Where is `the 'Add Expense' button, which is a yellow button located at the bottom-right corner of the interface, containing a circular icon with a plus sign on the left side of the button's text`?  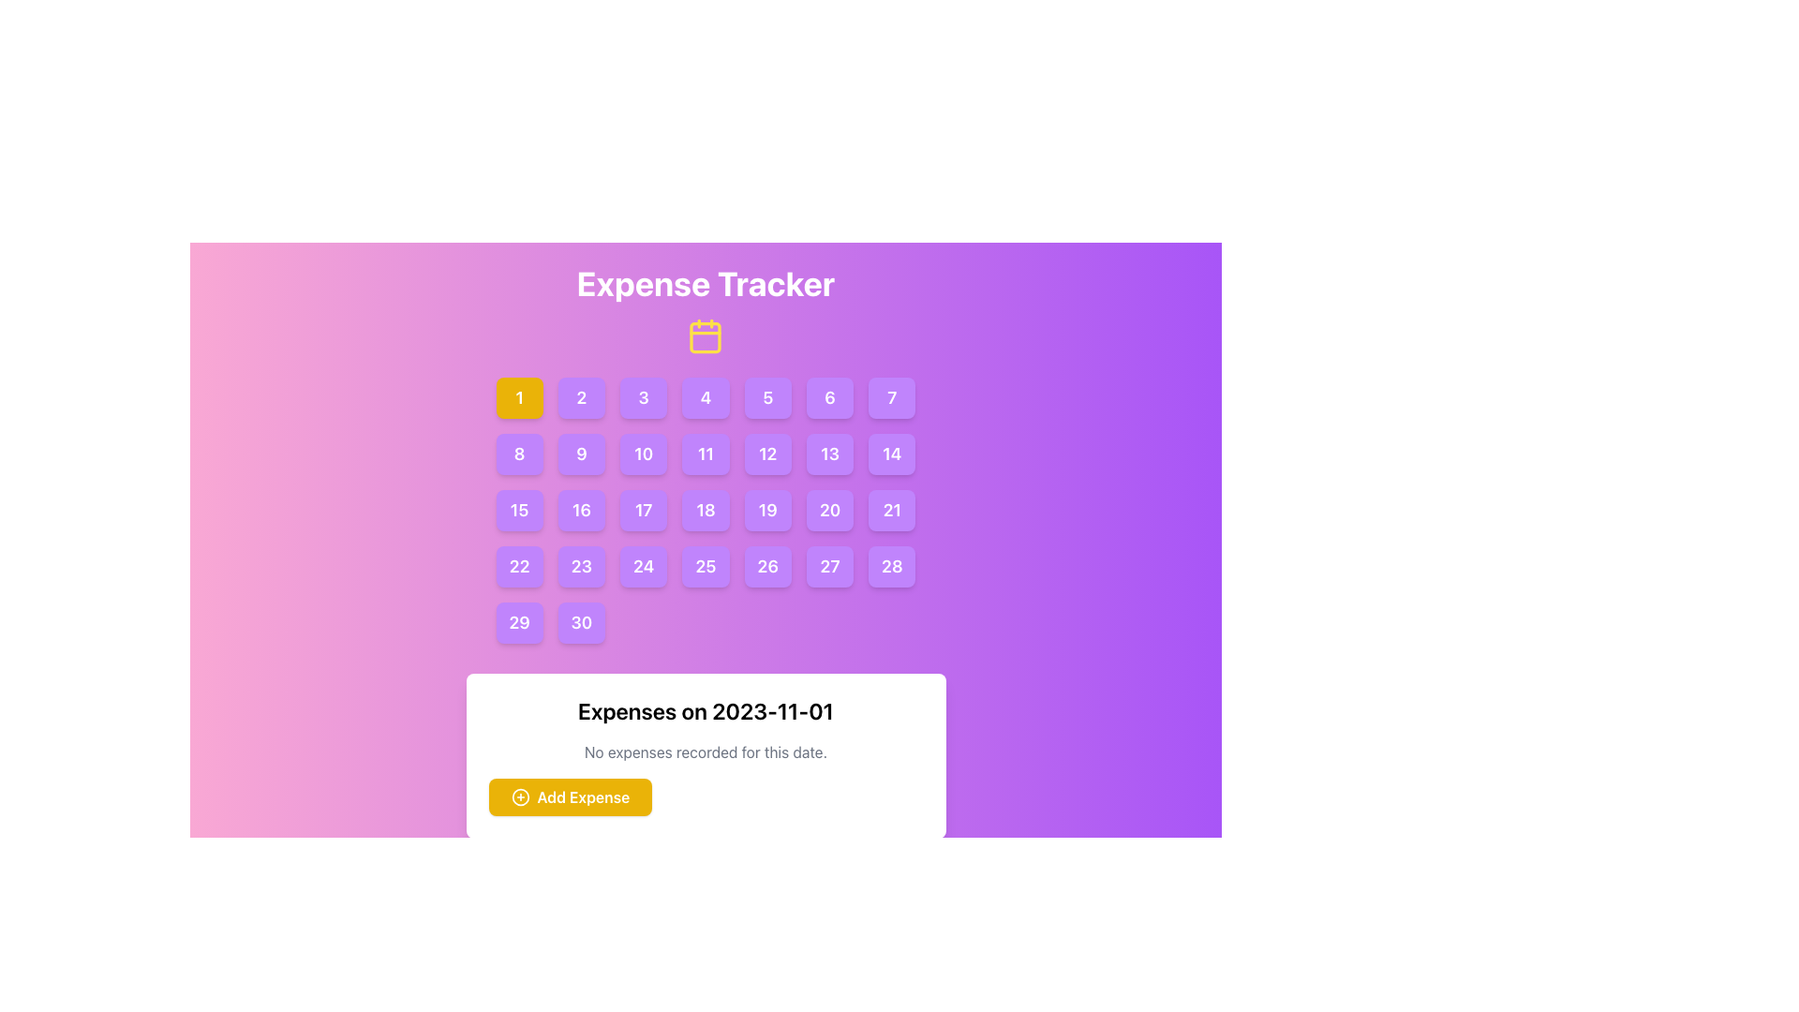
the 'Add Expense' button, which is a yellow button located at the bottom-right corner of the interface, containing a circular icon with a plus sign on the left side of the button's text is located at coordinates (520, 797).